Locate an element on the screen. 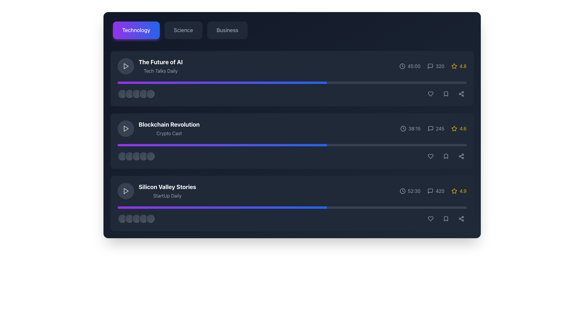  progress is located at coordinates (172, 145).